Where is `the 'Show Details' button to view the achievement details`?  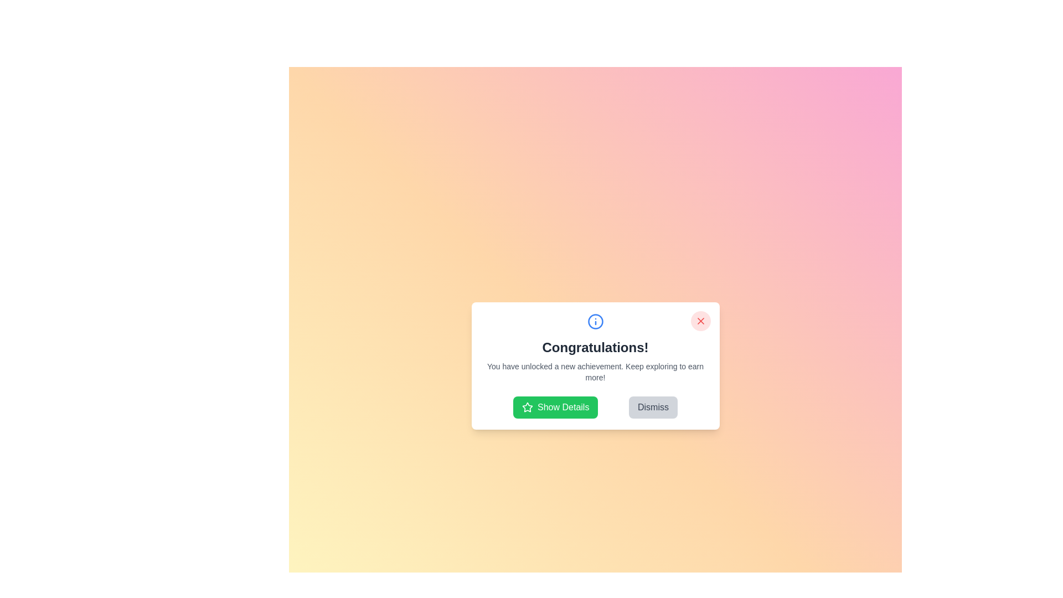 the 'Show Details' button to view the achievement details is located at coordinates (555, 408).